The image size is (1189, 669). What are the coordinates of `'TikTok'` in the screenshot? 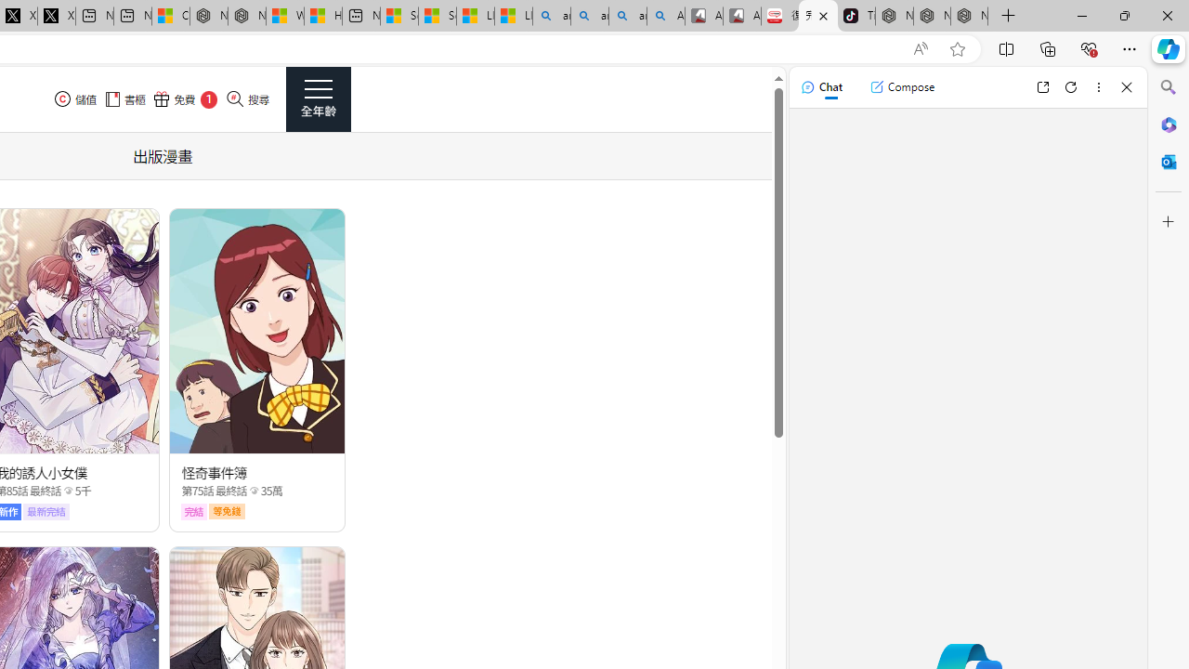 It's located at (856, 16).